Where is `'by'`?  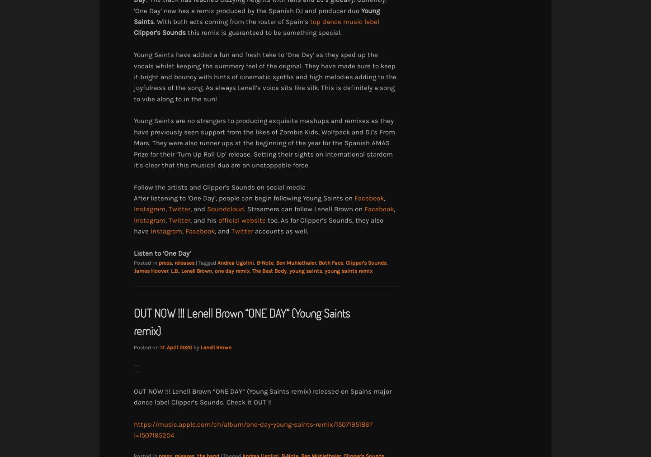
'by' is located at coordinates (197, 347).